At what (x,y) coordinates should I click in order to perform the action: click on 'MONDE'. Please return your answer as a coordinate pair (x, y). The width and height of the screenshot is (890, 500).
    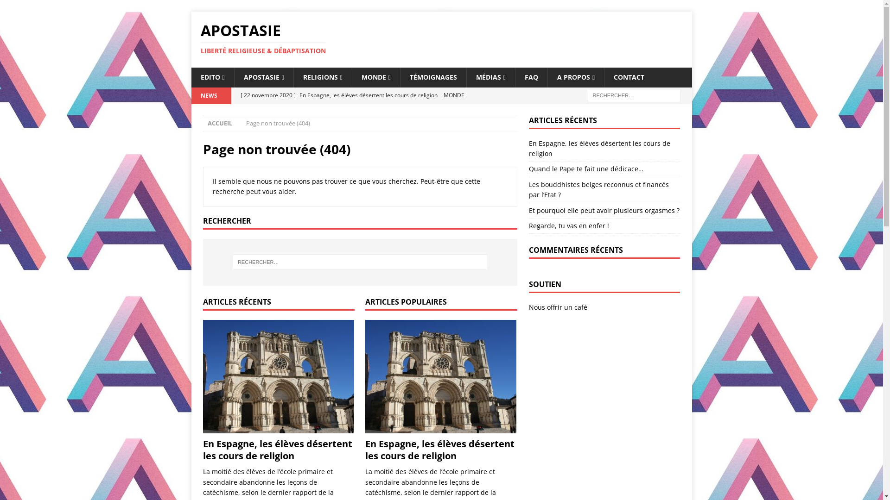
    Looking at the image, I should click on (376, 76).